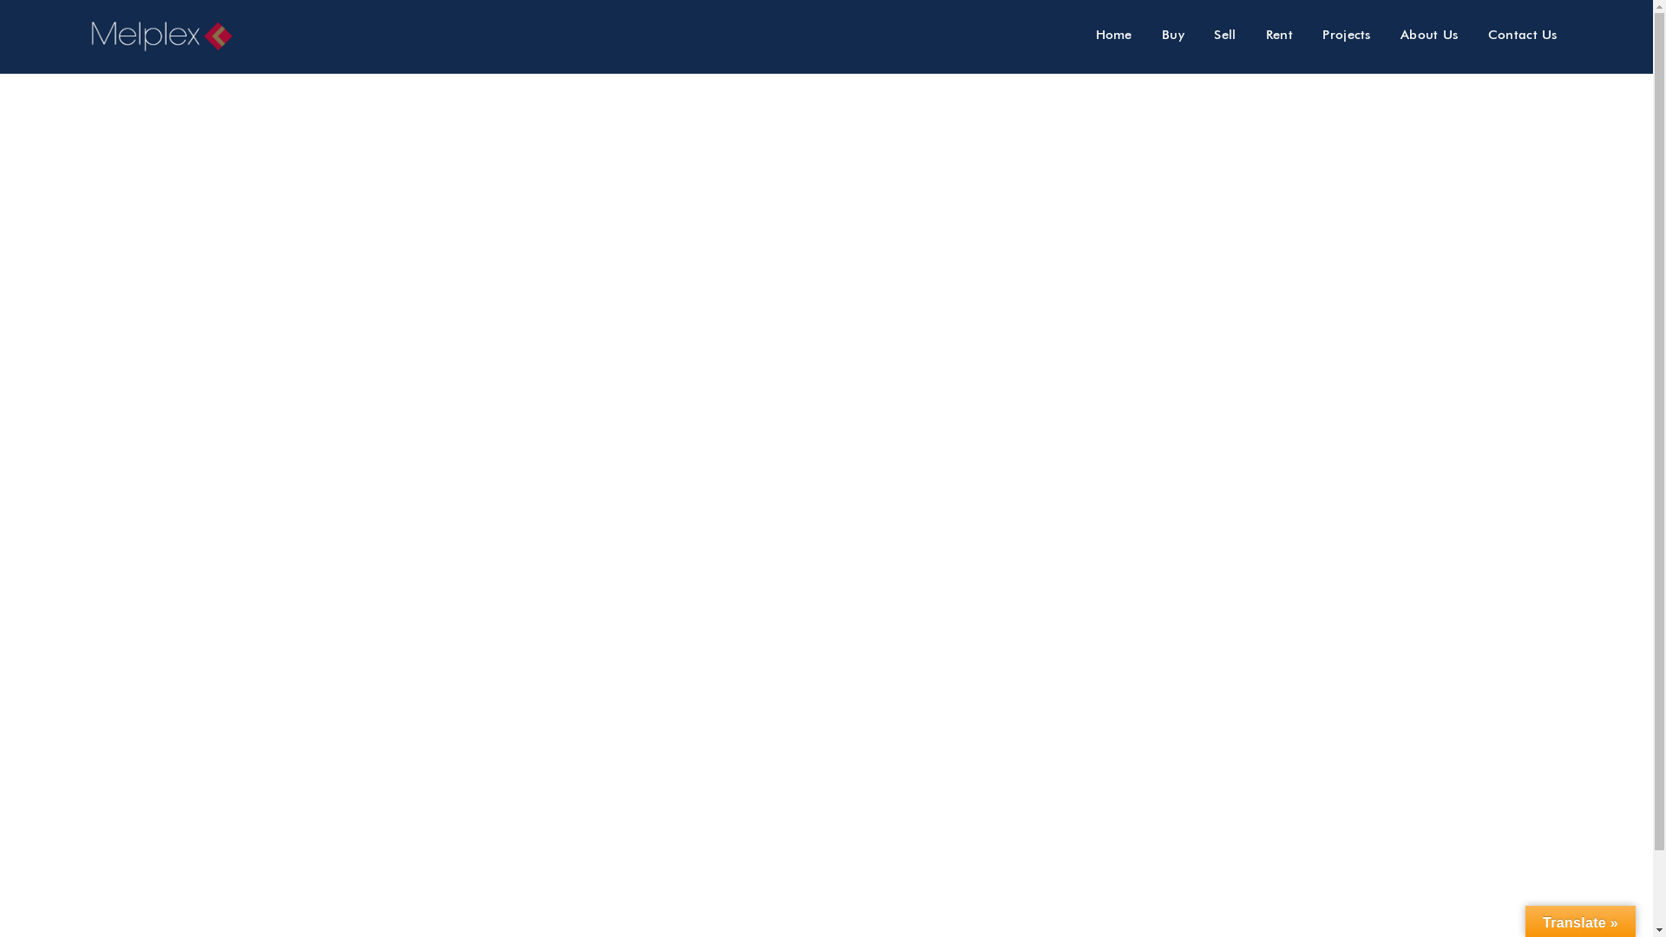 This screenshot has height=937, width=1666. What do you see at coordinates (1428, 34) in the screenshot?
I see `'About Us'` at bounding box center [1428, 34].